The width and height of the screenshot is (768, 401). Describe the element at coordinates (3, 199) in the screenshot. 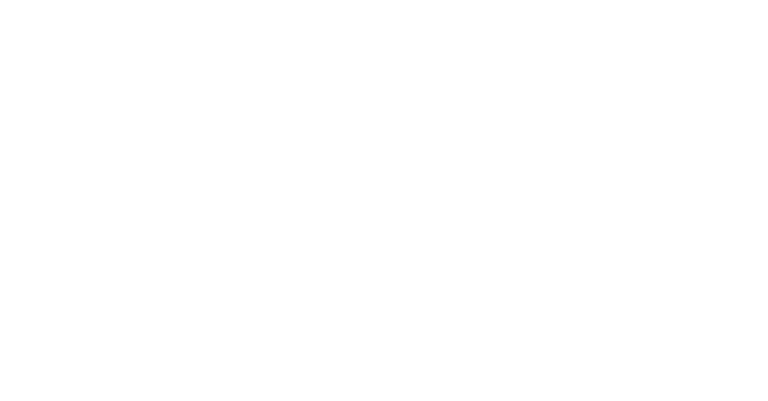

I see `'Fragen?'` at that location.